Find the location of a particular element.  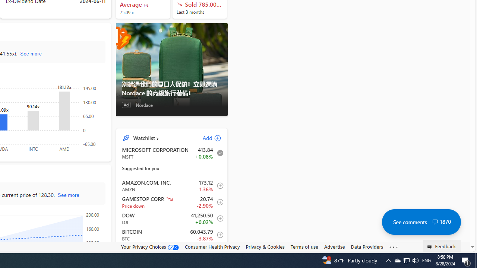

'Consumer Health Privacy' is located at coordinates (212, 247).